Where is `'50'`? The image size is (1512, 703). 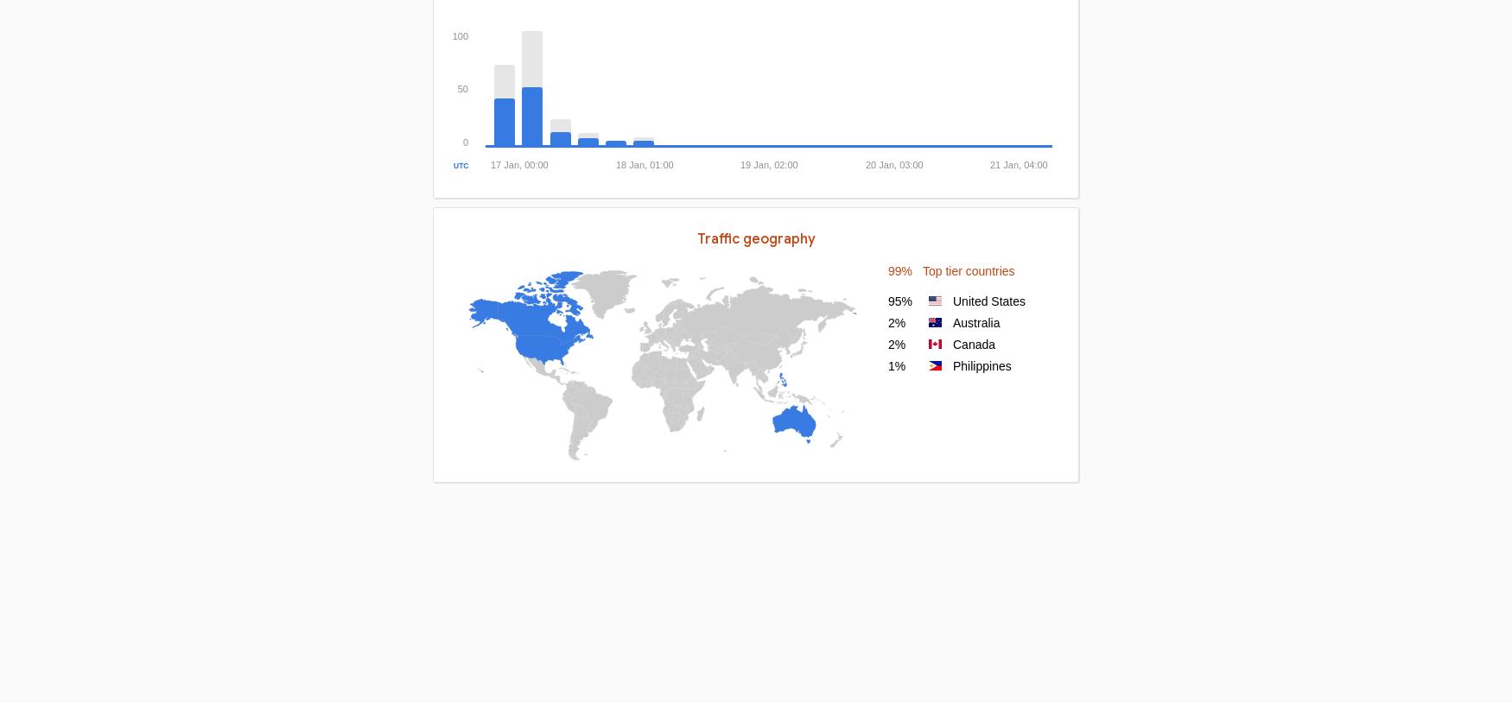 '50' is located at coordinates (461, 87).